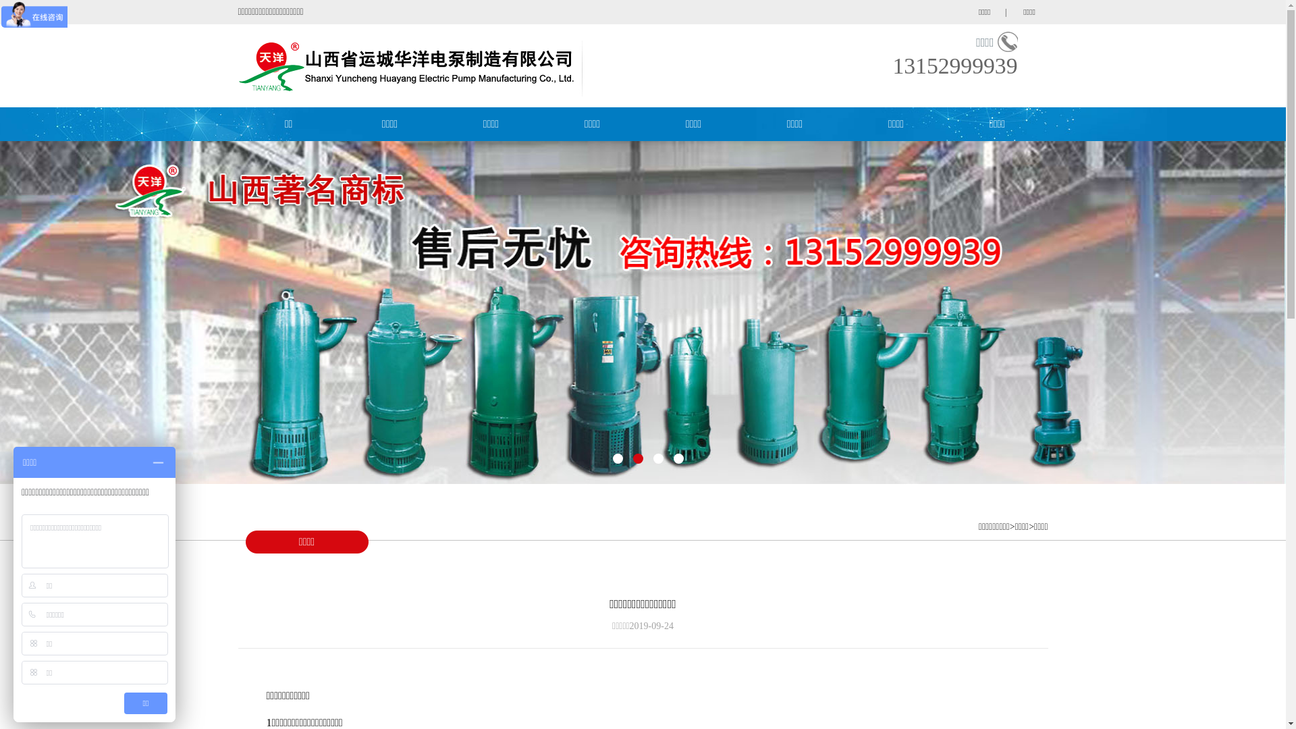 Image resolution: width=1296 pixels, height=729 pixels. I want to click on '1', so click(617, 458).